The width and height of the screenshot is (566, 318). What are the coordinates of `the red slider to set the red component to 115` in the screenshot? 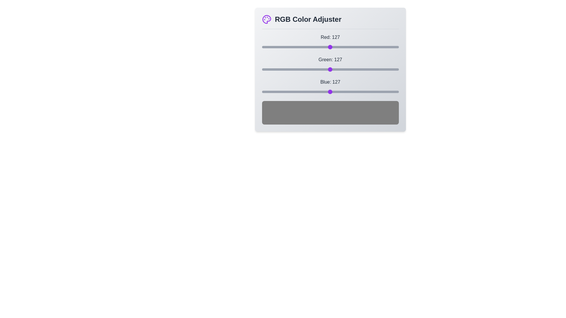 It's located at (323, 47).